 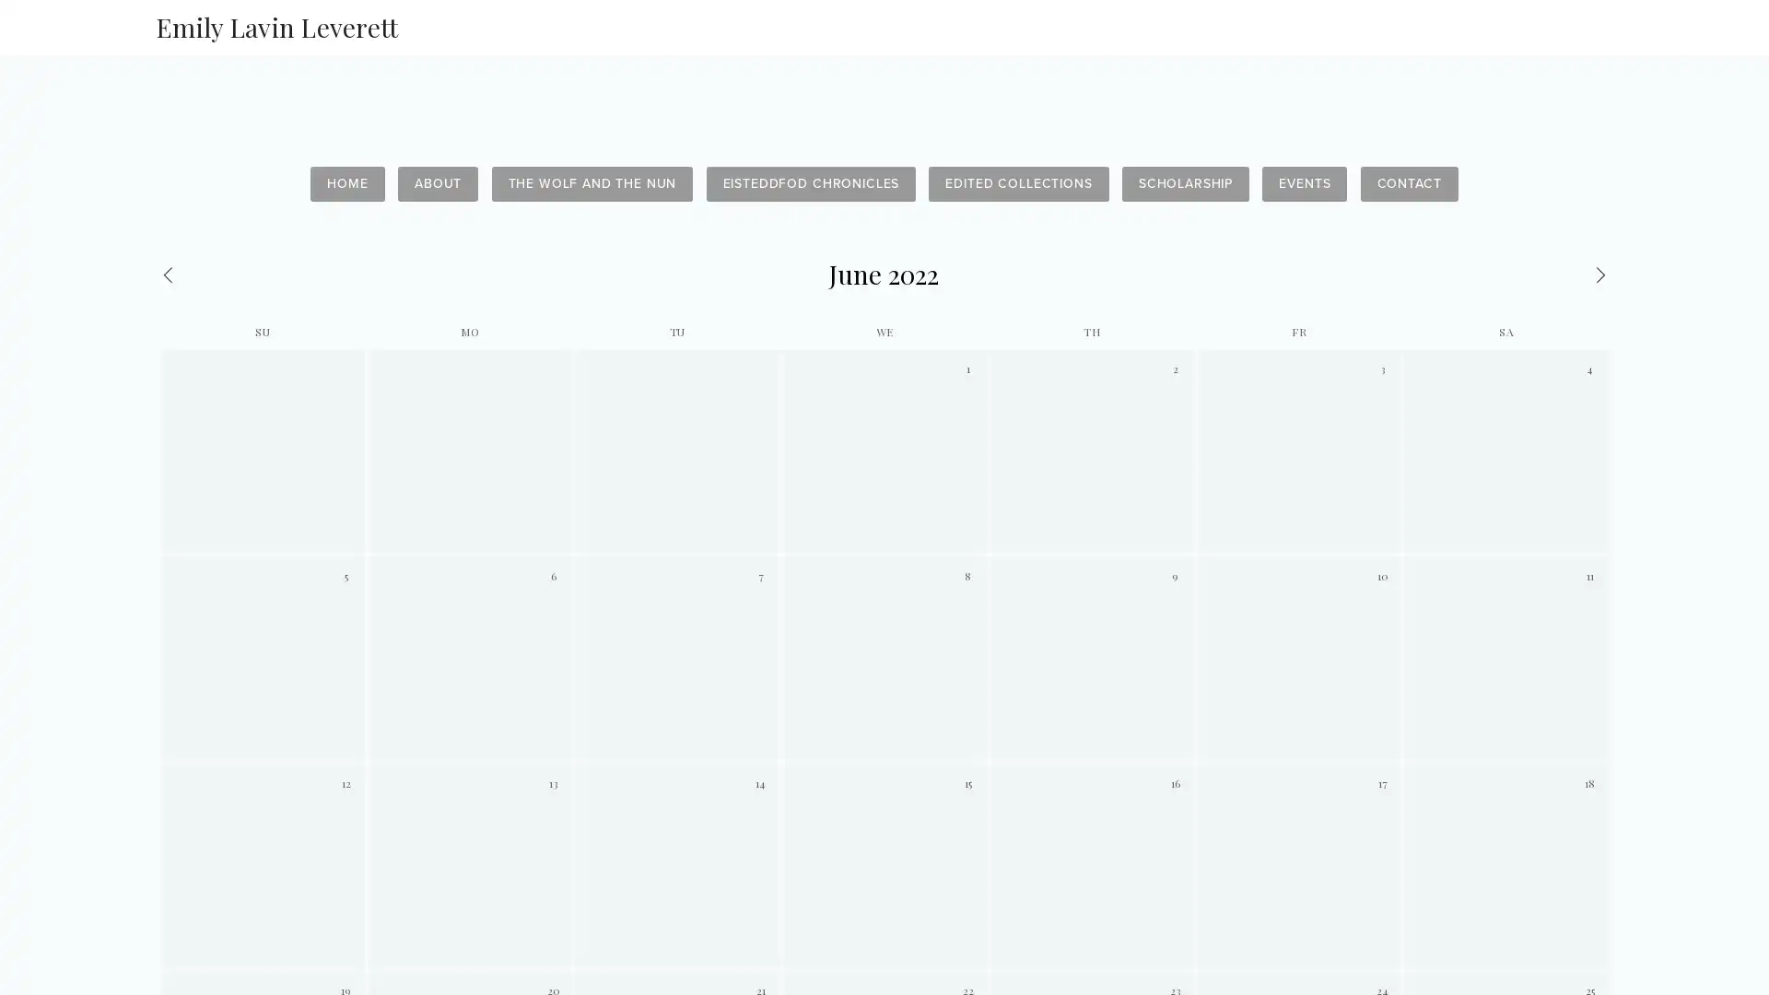 What do you see at coordinates (257, 274) in the screenshot?
I see `Go to previous month` at bounding box center [257, 274].